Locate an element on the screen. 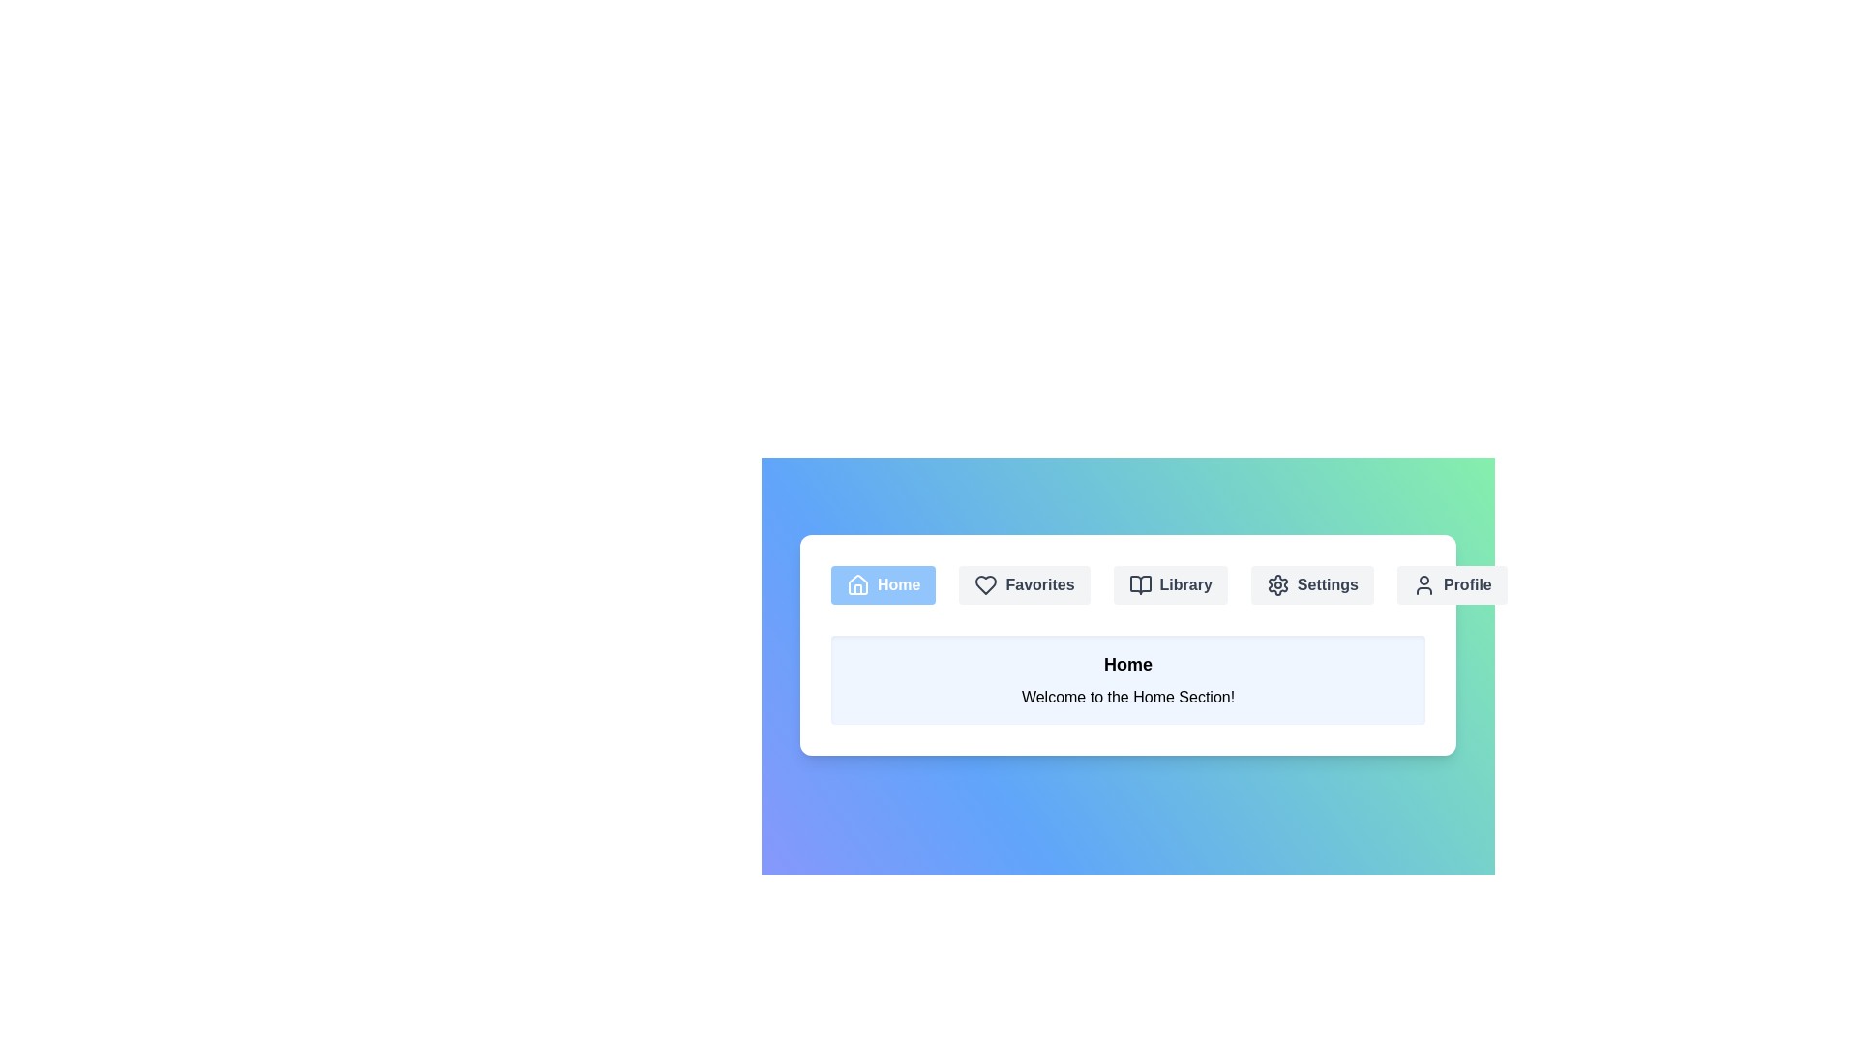 This screenshot has height=1045, width=1858. the 'Library' icon in the navigation menu is located at coordinates (1140, 584).